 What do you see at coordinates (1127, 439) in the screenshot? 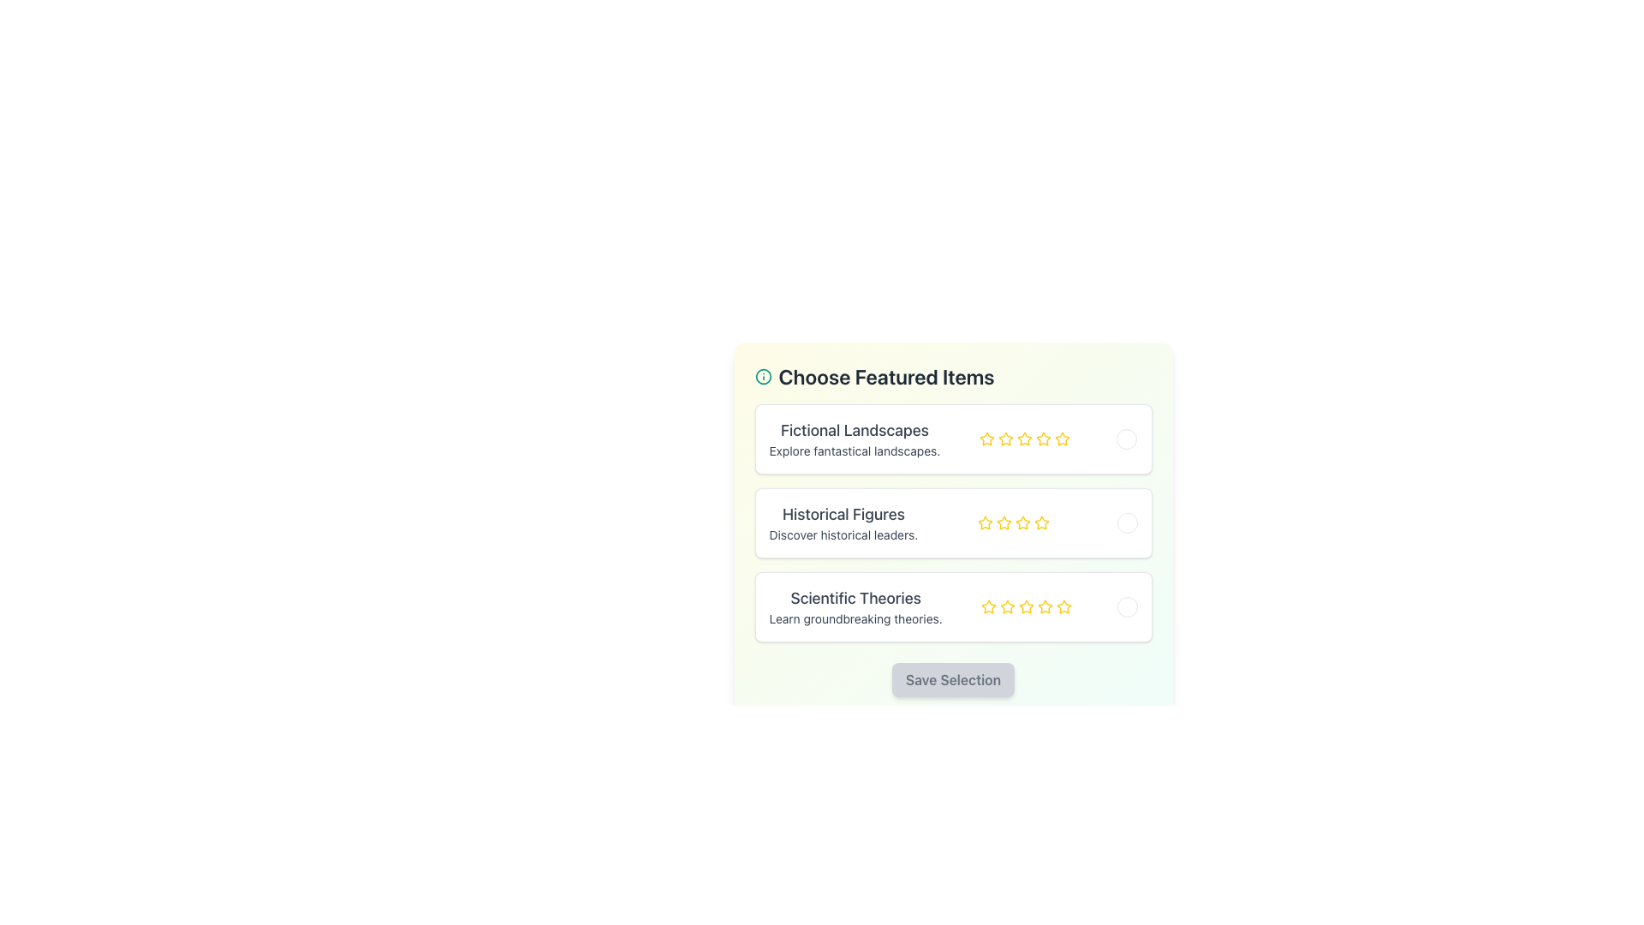
I see `the action button related to the 'Fictional Landscapes' listing` at bounding box center [1127, 439].